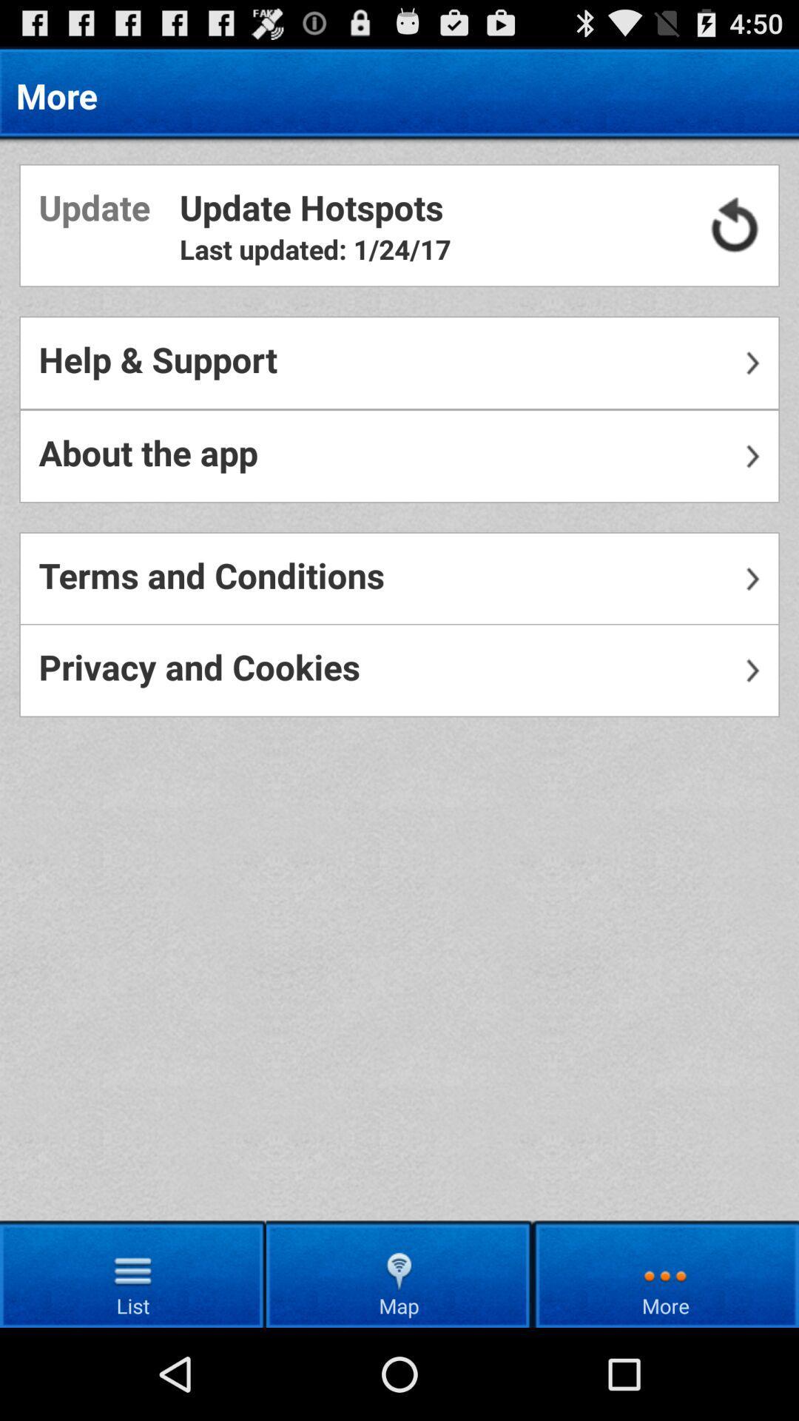 This screenshot has width=799, height=1421. Describe the element at coordinates (399, 455) in the screenshot. I see `item above terms and conditions` at that location.